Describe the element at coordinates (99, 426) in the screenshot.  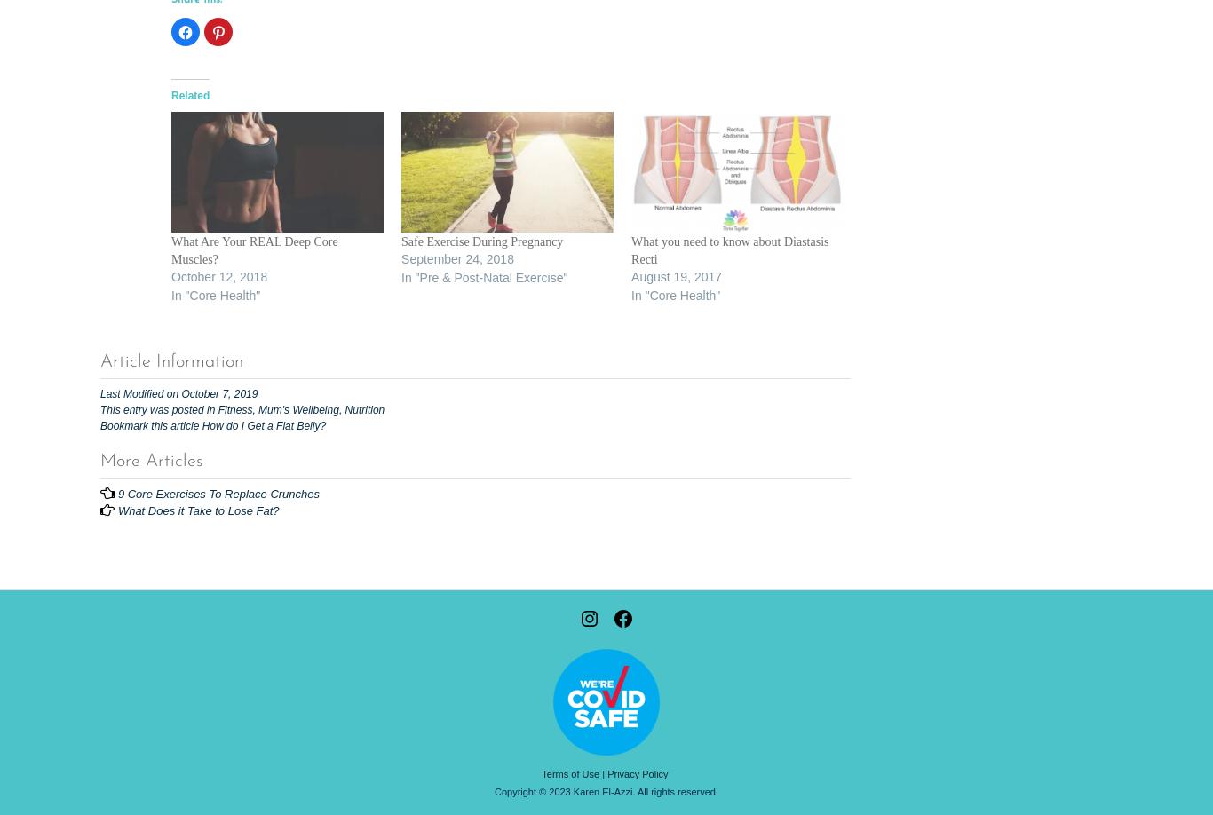
I see `'Bookmark this article'` at that location.